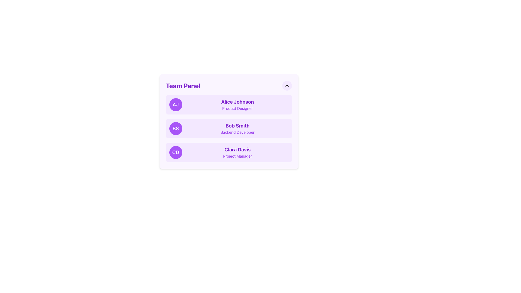 This screenshot has width=521, height=293. Describe the element at coordinates (237, 129) in the screenshot. I see `the Profile display block displaying the name 'Bob Smith' in bold purple, which is located in the Team Panel section between 'Alice Johnson' and 'Clara Davis'` at that location.